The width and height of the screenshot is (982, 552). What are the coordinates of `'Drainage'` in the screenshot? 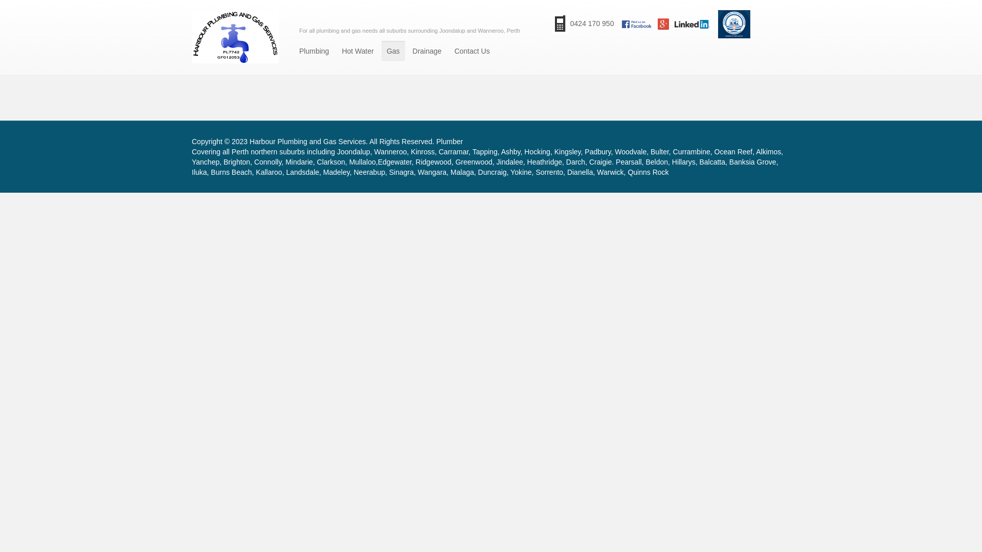 It's located at (427, 51).